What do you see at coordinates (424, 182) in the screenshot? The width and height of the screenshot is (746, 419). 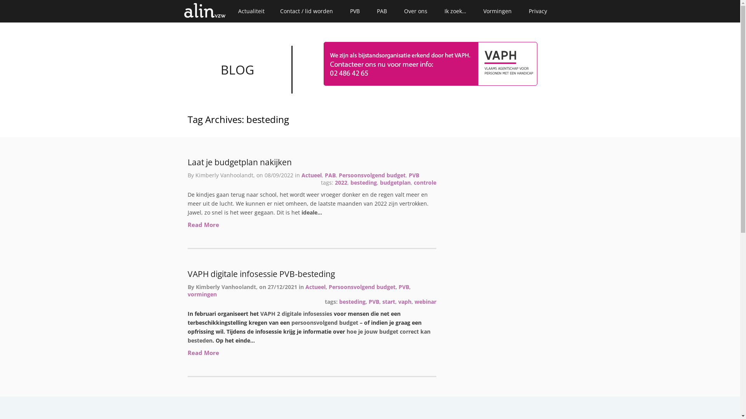 I see `'controle'` at bounding box center [424, 182].